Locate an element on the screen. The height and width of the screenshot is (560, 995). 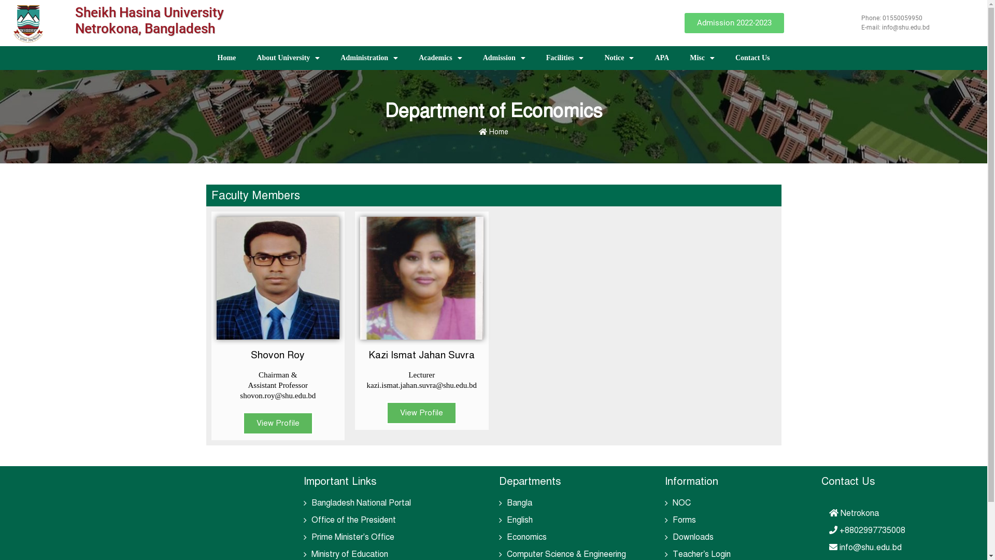
'Downloads' is located at coordinates (693, 537).